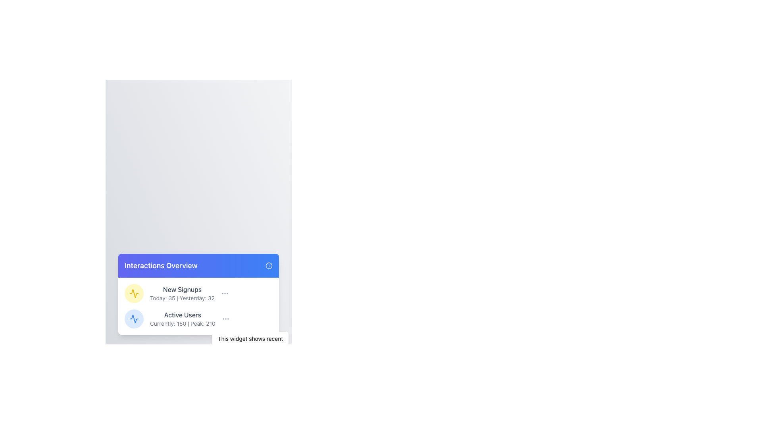 The width and height of the screenshot is (762, 429). Describe the element at coordinates (198, 318) in the screenshot. I see `the Text Display with Icon that shows the current and peak number of active users, located beneath the 'New Signups' information` at that location.